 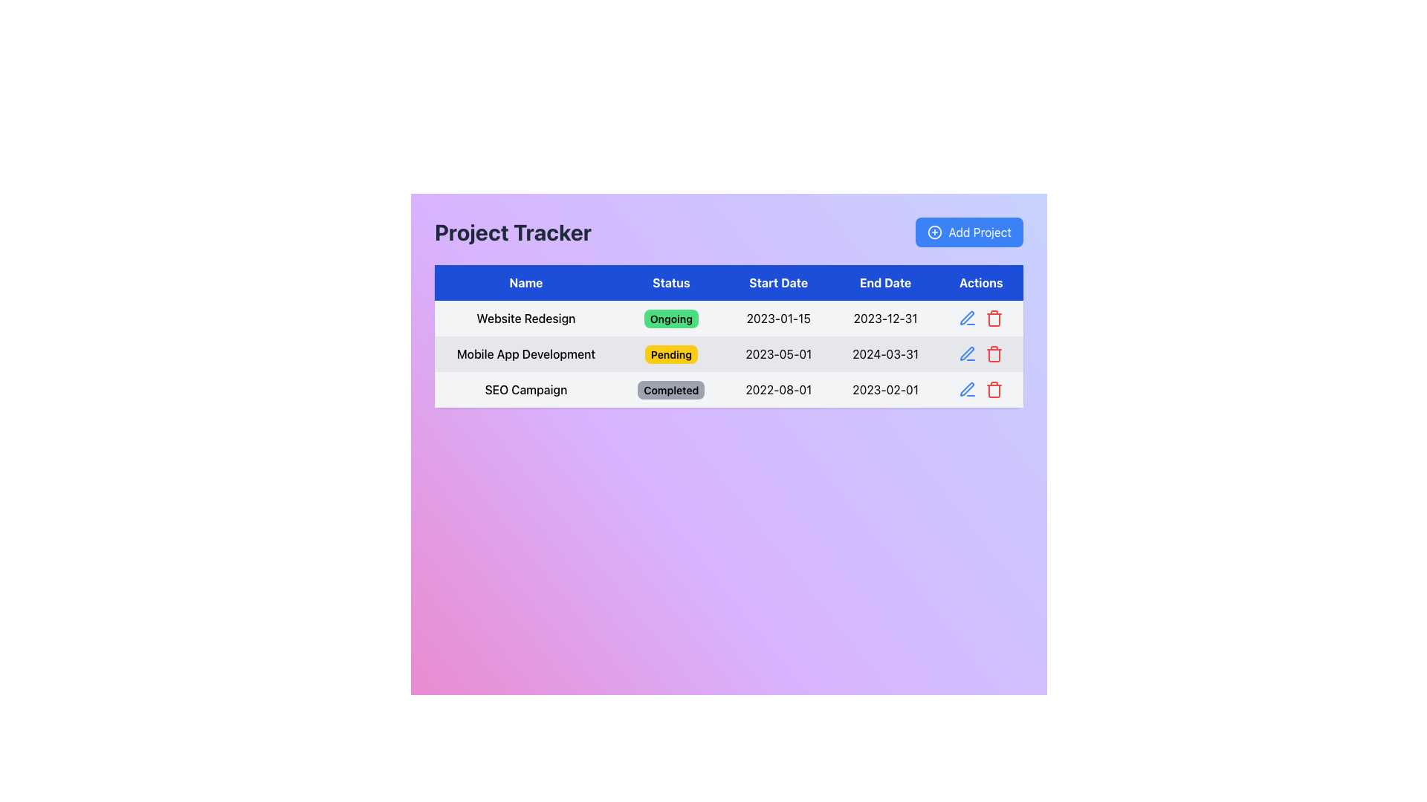 What do you see at coordinates (966, 353) in the screenshot?
I see `the pen icon button in the second row of the 'Actions' column` at bounding box center [966, 353].